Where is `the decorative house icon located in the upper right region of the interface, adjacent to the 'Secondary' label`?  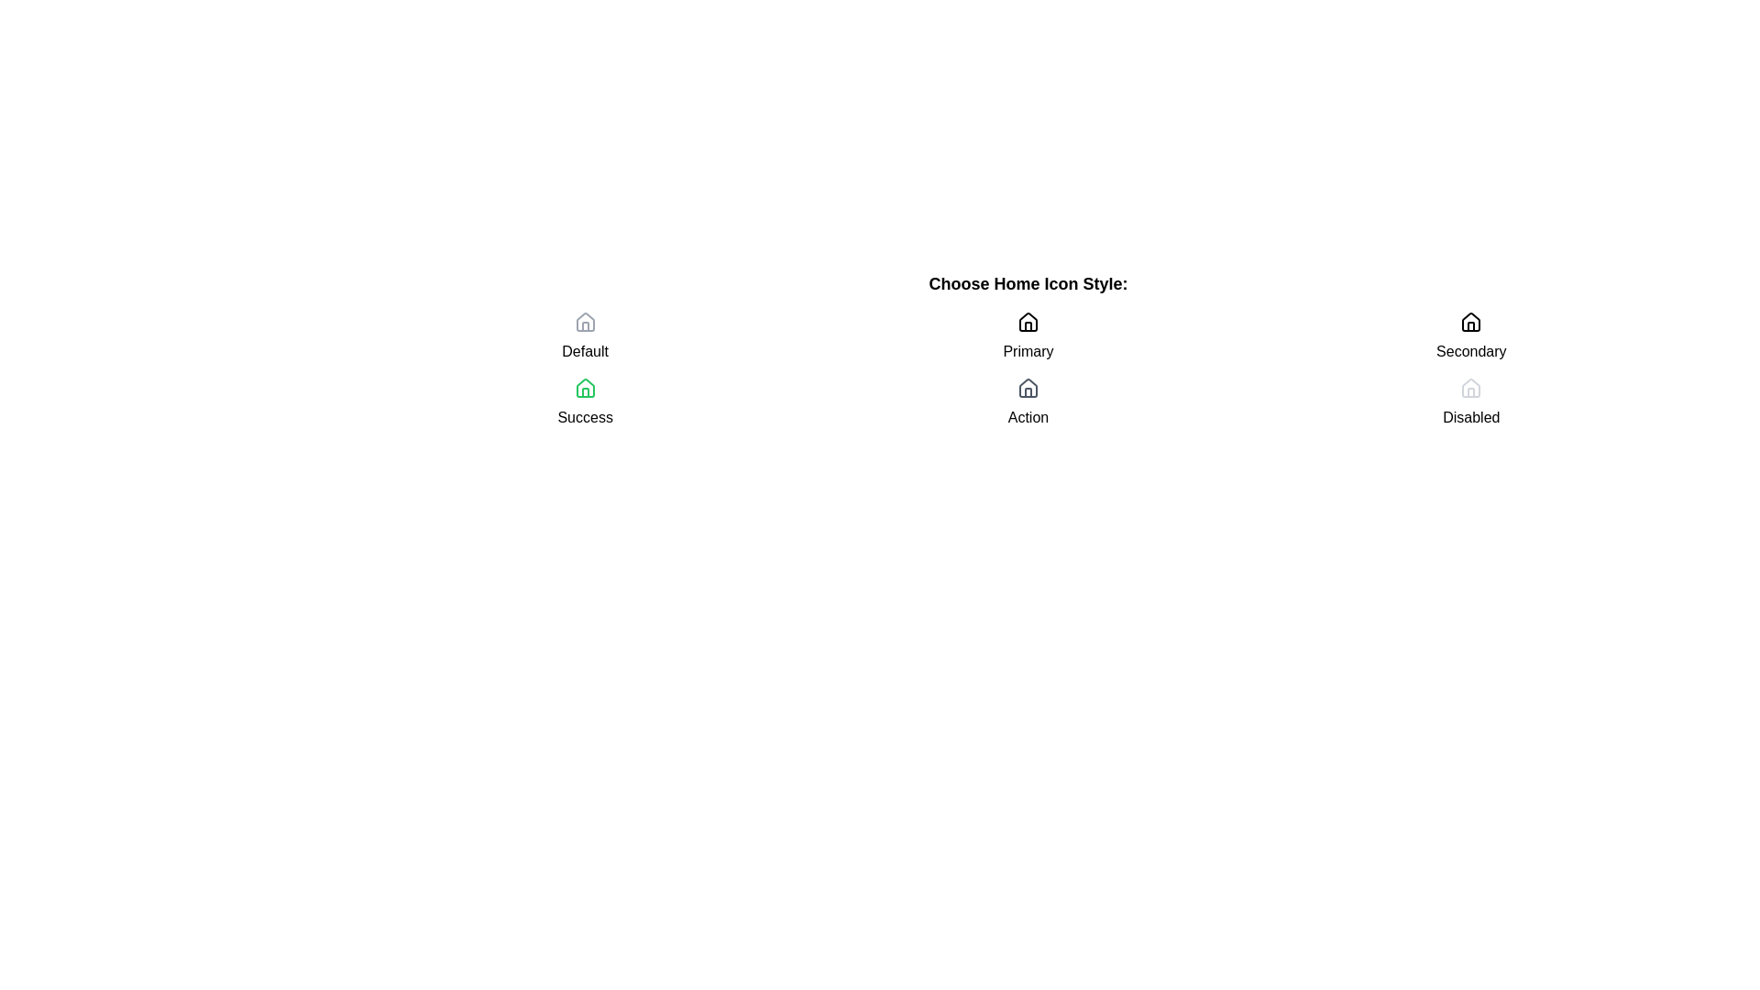
the decorative house icon located in the upper right region of the interface, adjacent to the 'Secondary' label is located at coordinates (584, 321).